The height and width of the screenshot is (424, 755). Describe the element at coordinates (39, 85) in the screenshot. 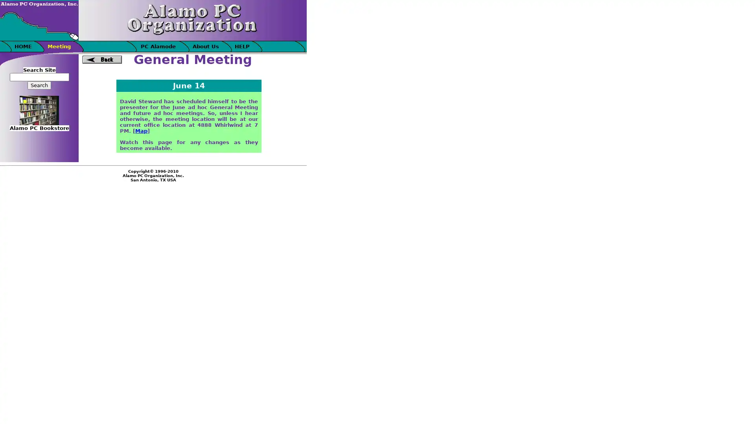

I see `Search` at that location.